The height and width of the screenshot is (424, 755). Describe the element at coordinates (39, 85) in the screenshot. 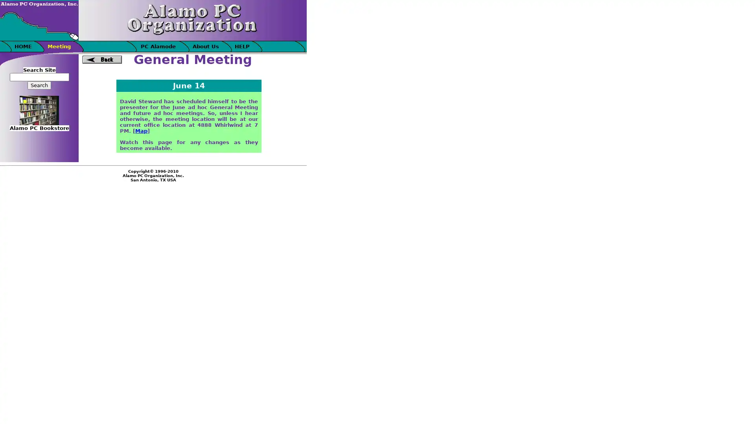

I see `Search` at that location.